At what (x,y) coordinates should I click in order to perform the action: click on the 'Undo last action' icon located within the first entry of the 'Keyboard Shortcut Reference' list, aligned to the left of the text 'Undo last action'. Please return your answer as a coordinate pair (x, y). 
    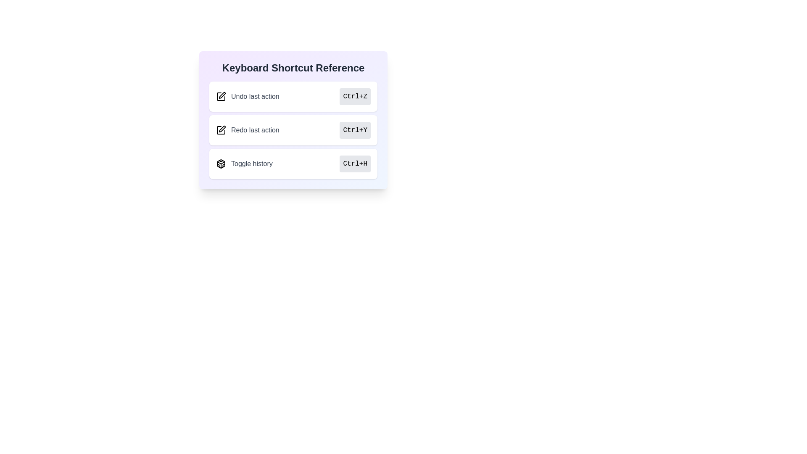
    Looking at the image, I should click on (221, 96).